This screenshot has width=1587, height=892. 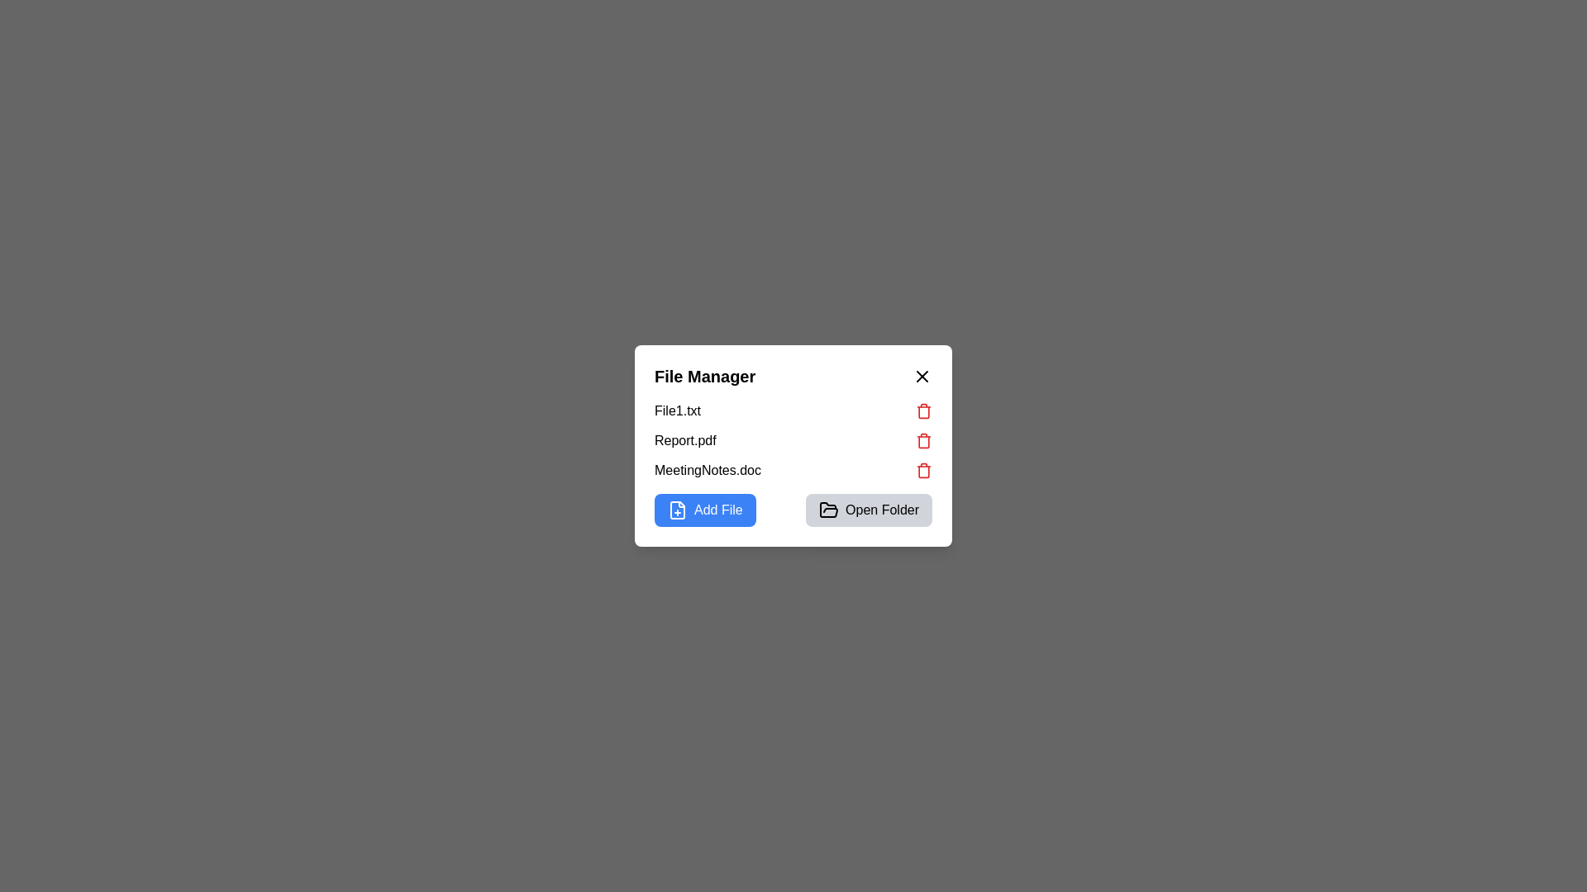 I want to click on the delete icon located to the right of 'File1.txt' in the top entry of the list within the 'File Manager' dialog box, so click(x=923, y=410).